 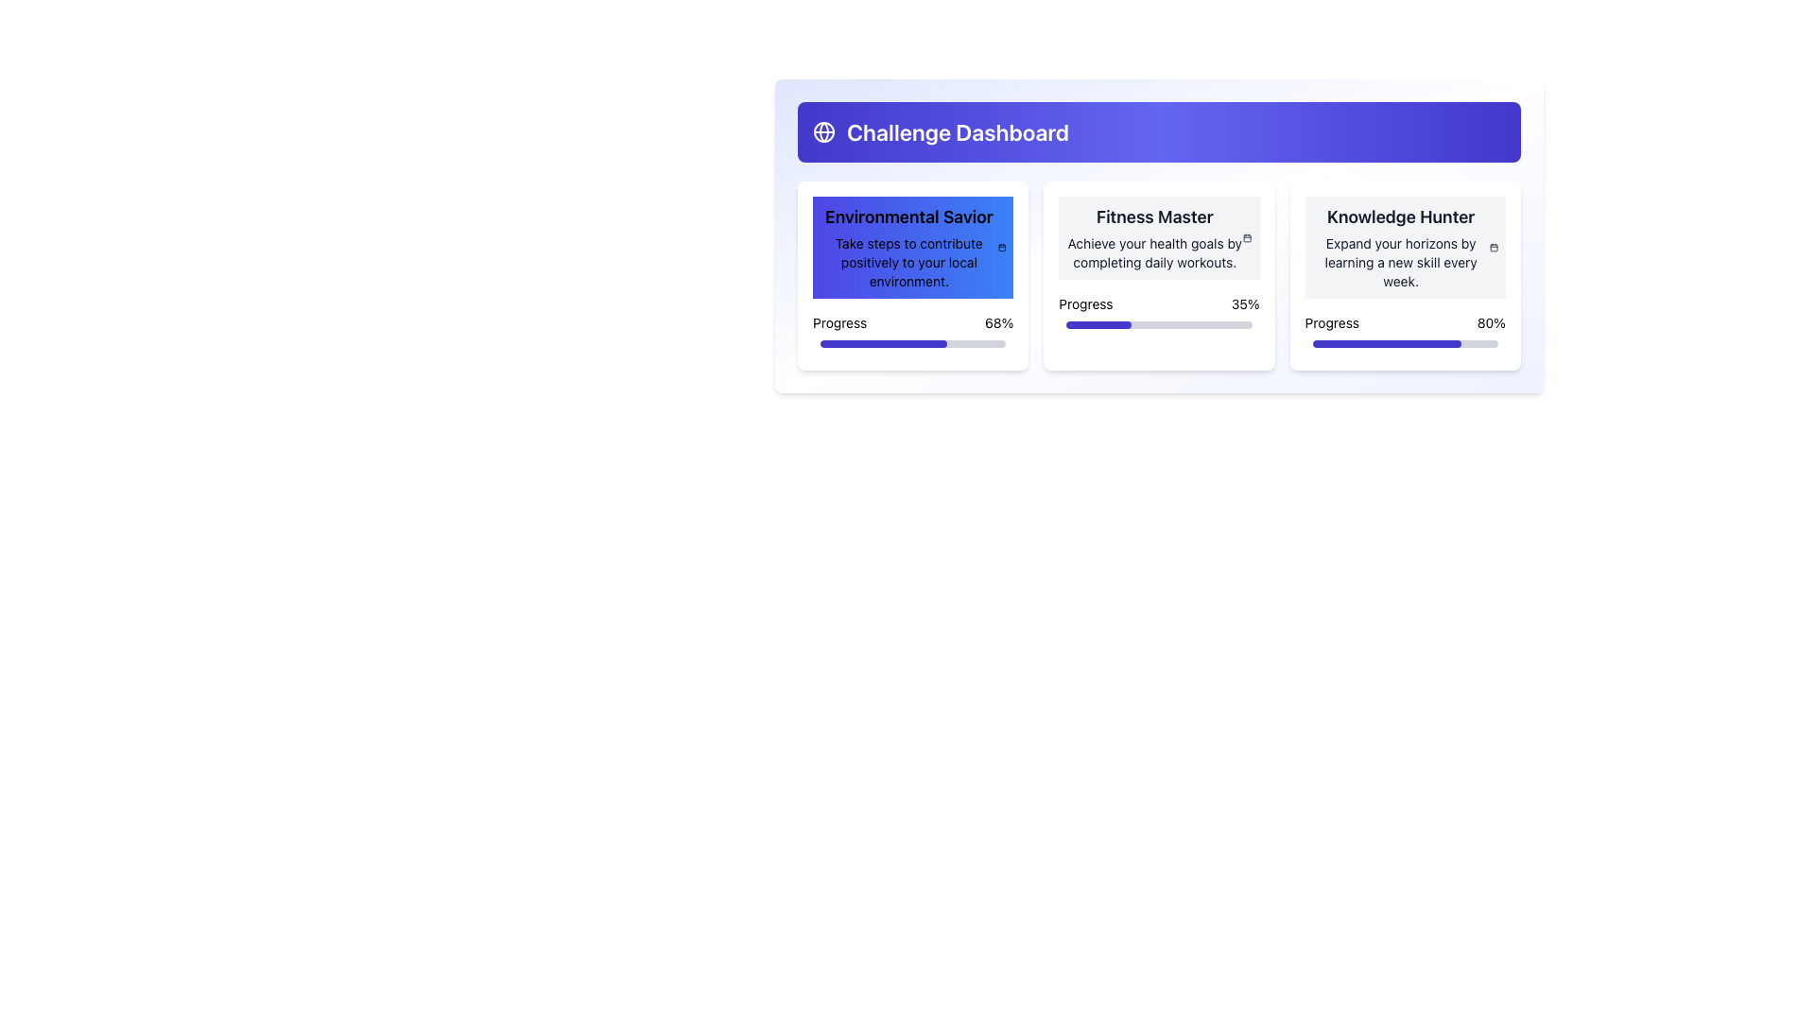 I want to click on the progress bar filled 68% with indigo color, located within the 'Environmental Savior' card in the 'Challenge Dashboard' interface, situated below the text 'Progress', so click(x=882, y=343).